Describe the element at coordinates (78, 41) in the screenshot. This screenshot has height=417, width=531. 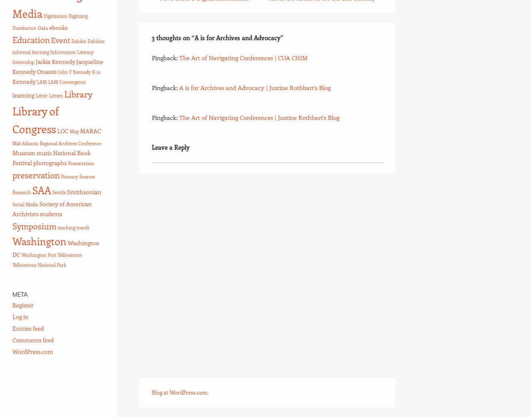
I see `'Exhibit'` at that location.